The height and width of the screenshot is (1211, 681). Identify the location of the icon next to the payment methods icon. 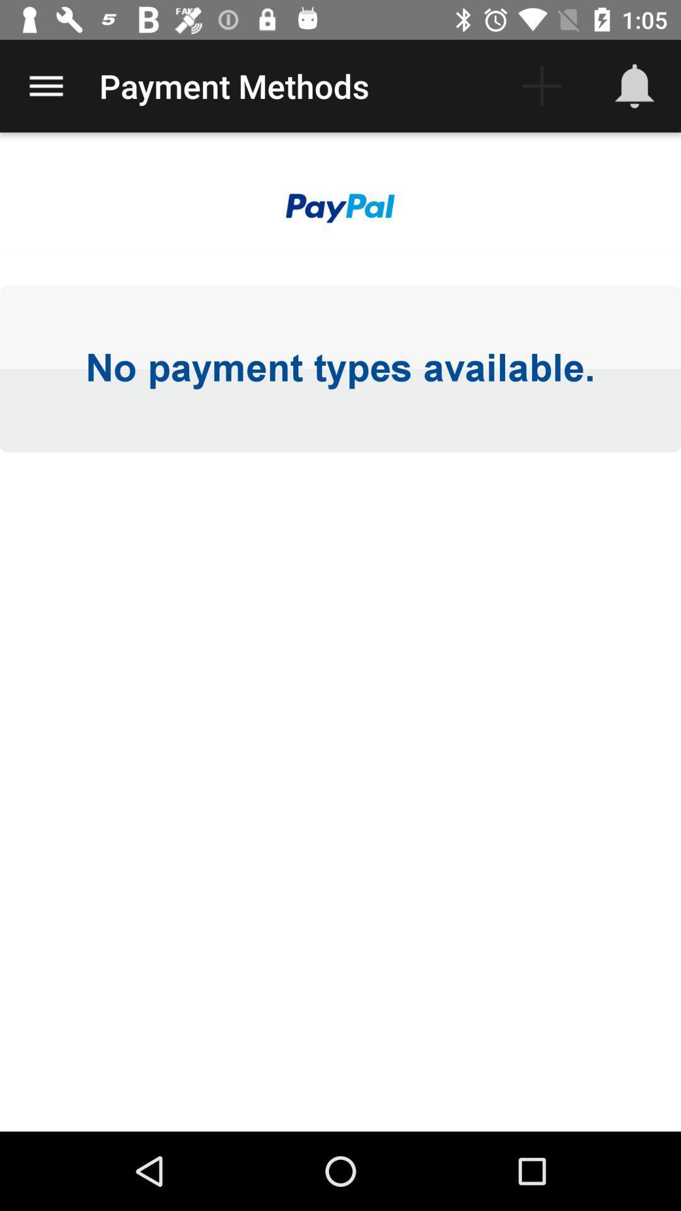
(541, 85).